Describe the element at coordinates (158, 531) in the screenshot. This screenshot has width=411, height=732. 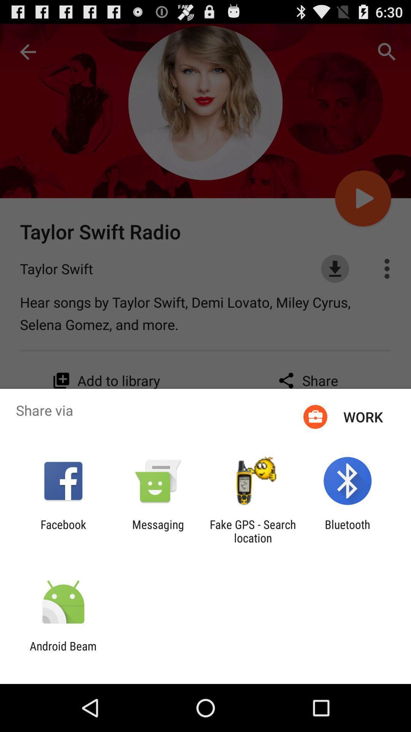
I see `the app to the right of facebook app` at that location.